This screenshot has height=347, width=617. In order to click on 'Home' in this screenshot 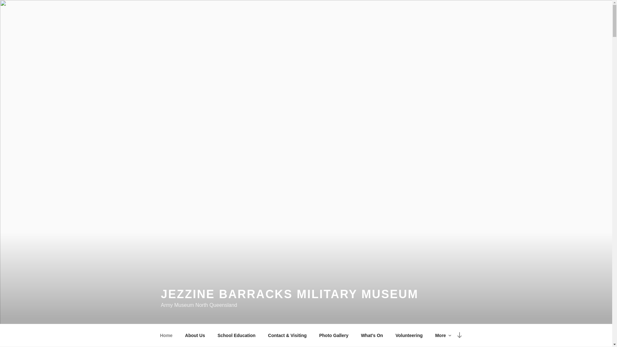, I will do `click(166, 335)`.